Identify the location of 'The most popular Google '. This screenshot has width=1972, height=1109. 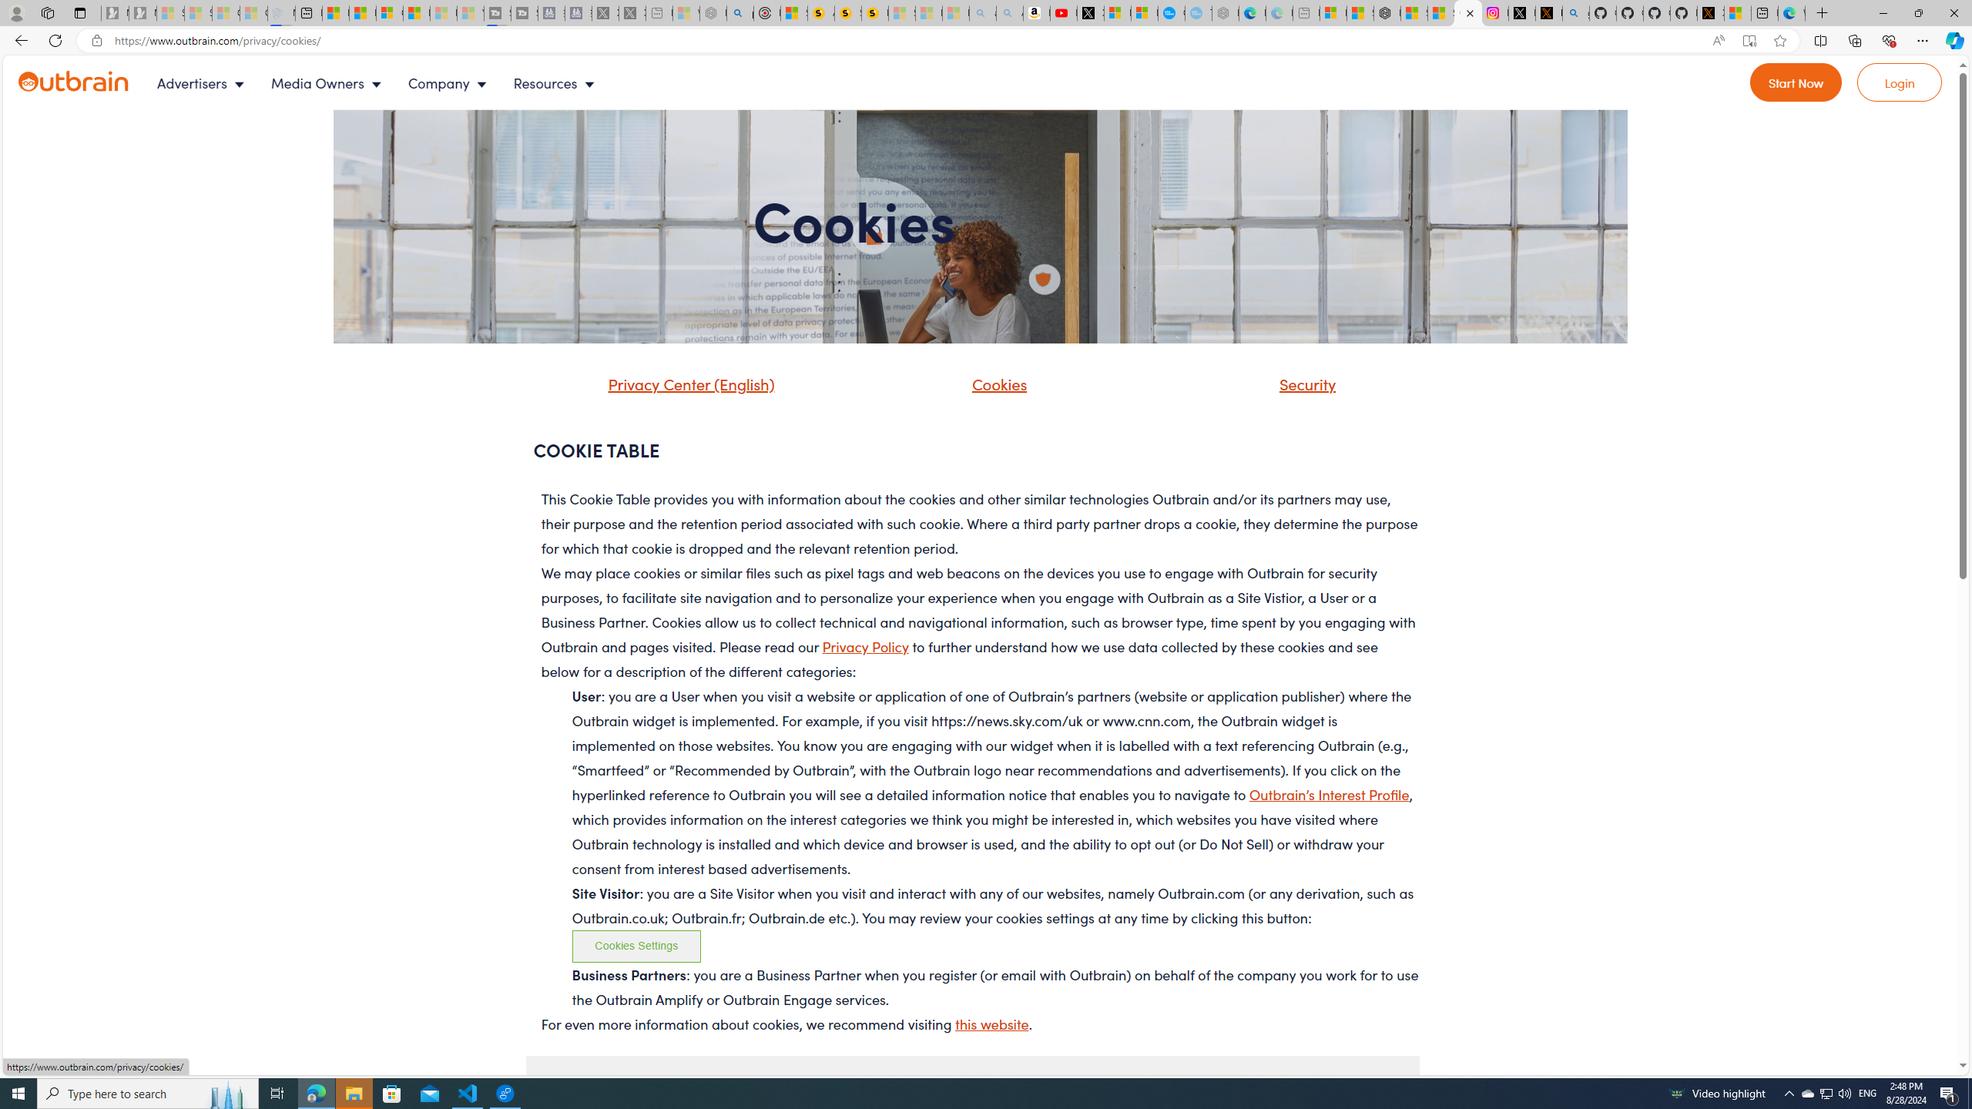
(1199, 12).